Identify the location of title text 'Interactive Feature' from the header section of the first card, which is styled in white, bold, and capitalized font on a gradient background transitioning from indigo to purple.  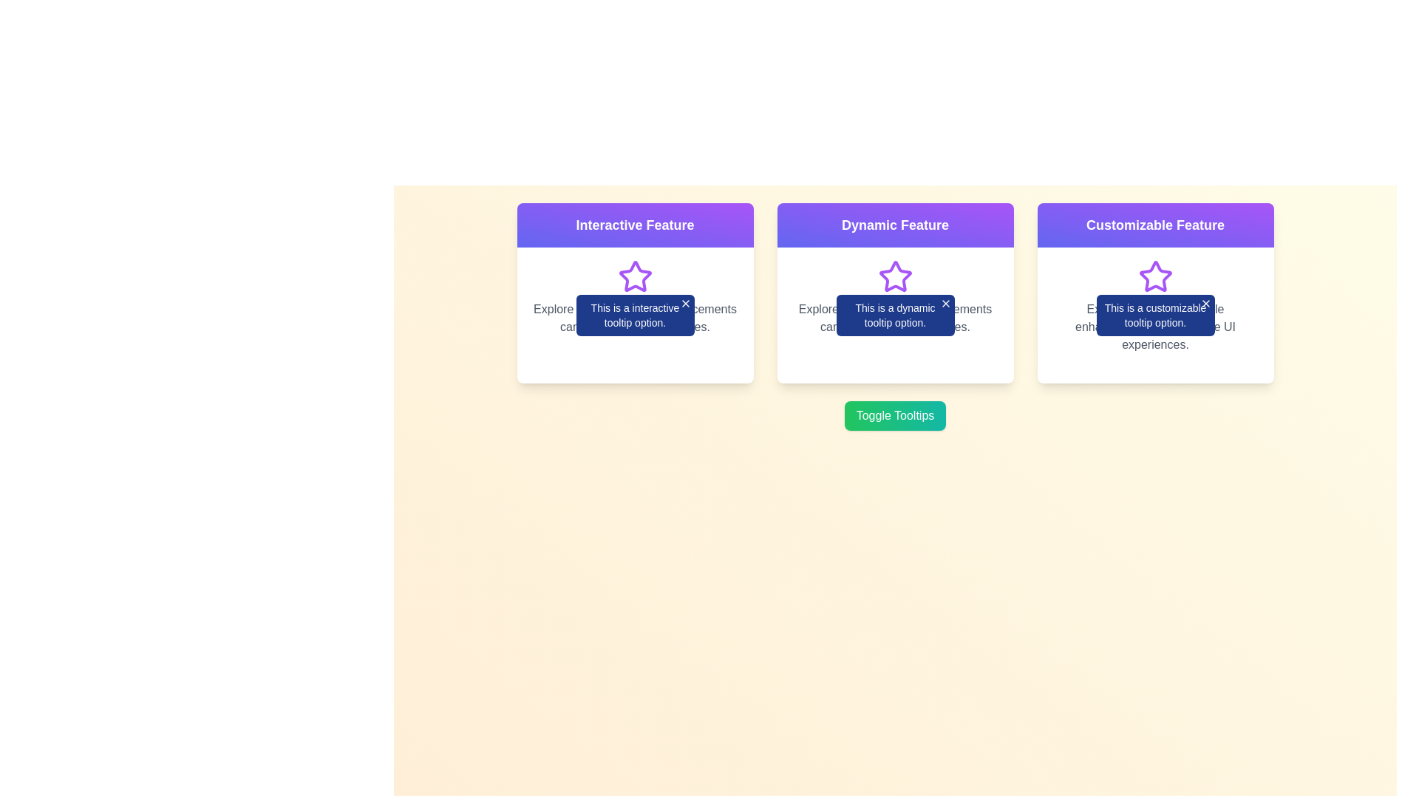
(635, 225).